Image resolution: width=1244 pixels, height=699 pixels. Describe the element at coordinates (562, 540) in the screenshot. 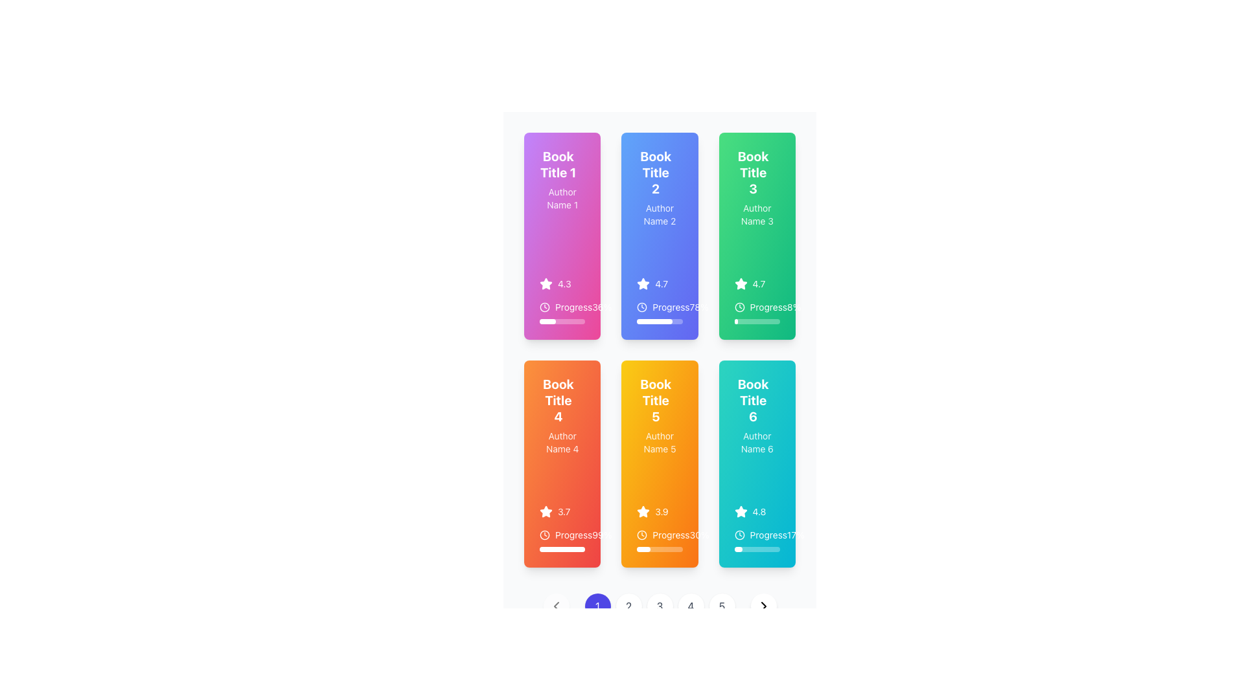

I see `displayed progress value of the Progress Indicator located at the bottom of the 'Book Title 4' card, which shows 99% completion` at that location.